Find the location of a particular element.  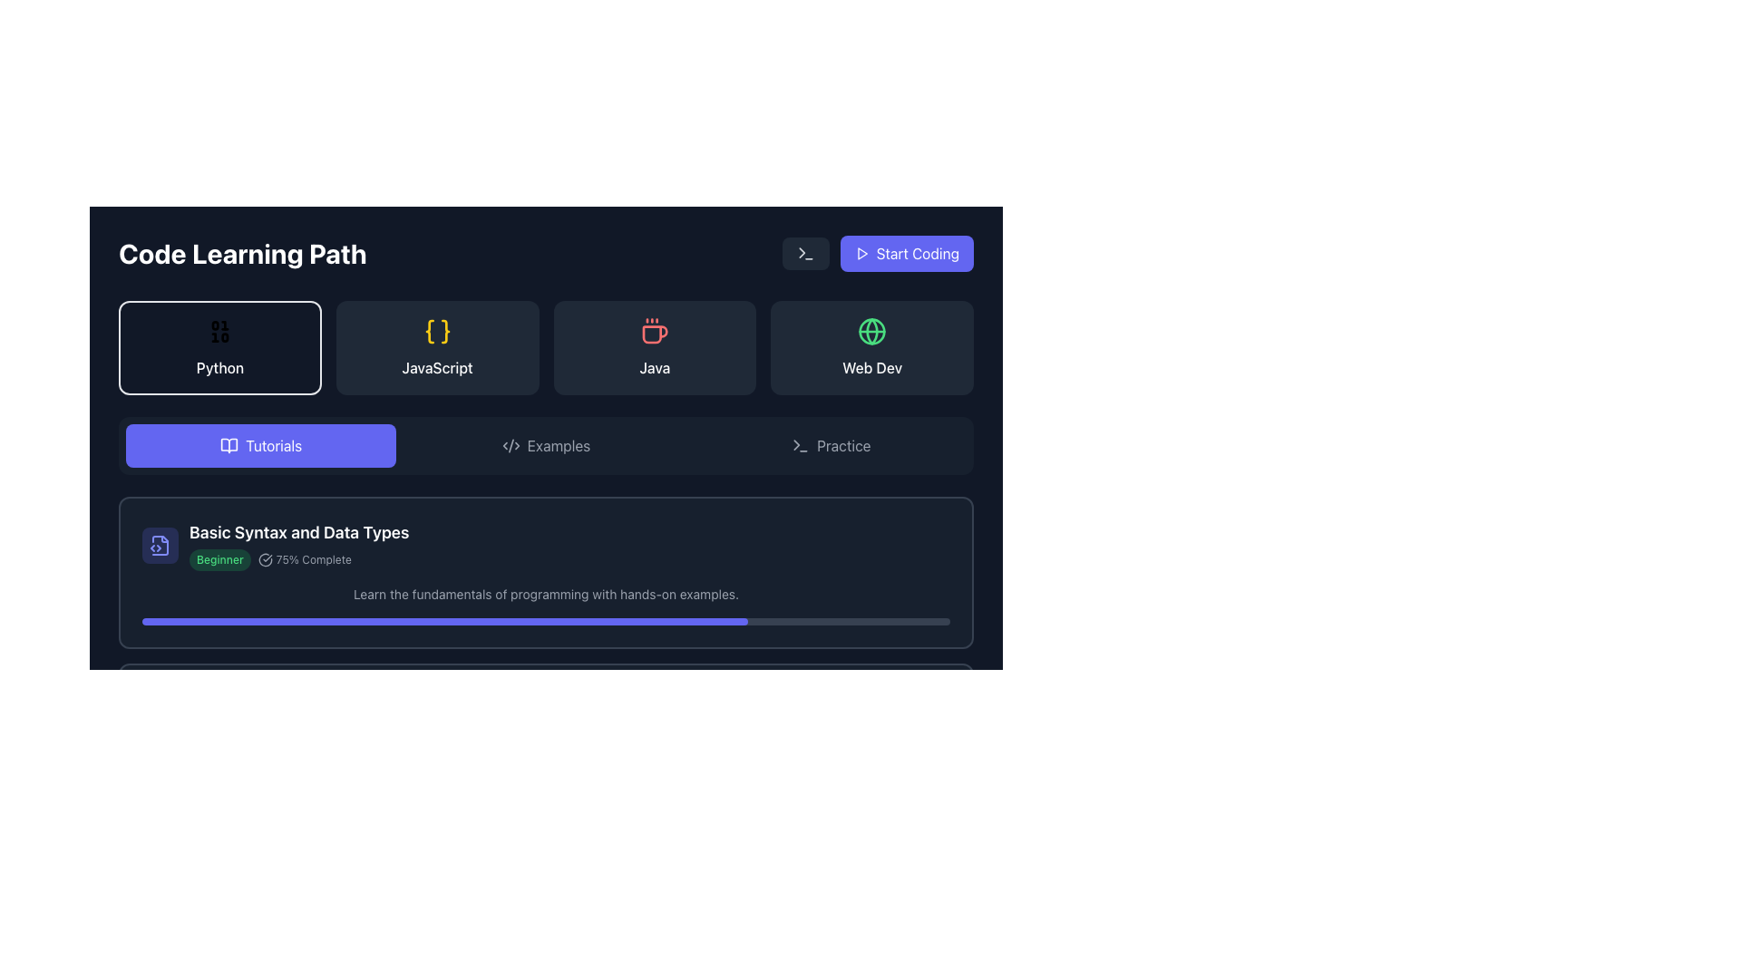

the play icon within the 'Start Coding' button located at the header section, positioned to the left of the text 'Start Coding' is located at coordinates (861, 254).